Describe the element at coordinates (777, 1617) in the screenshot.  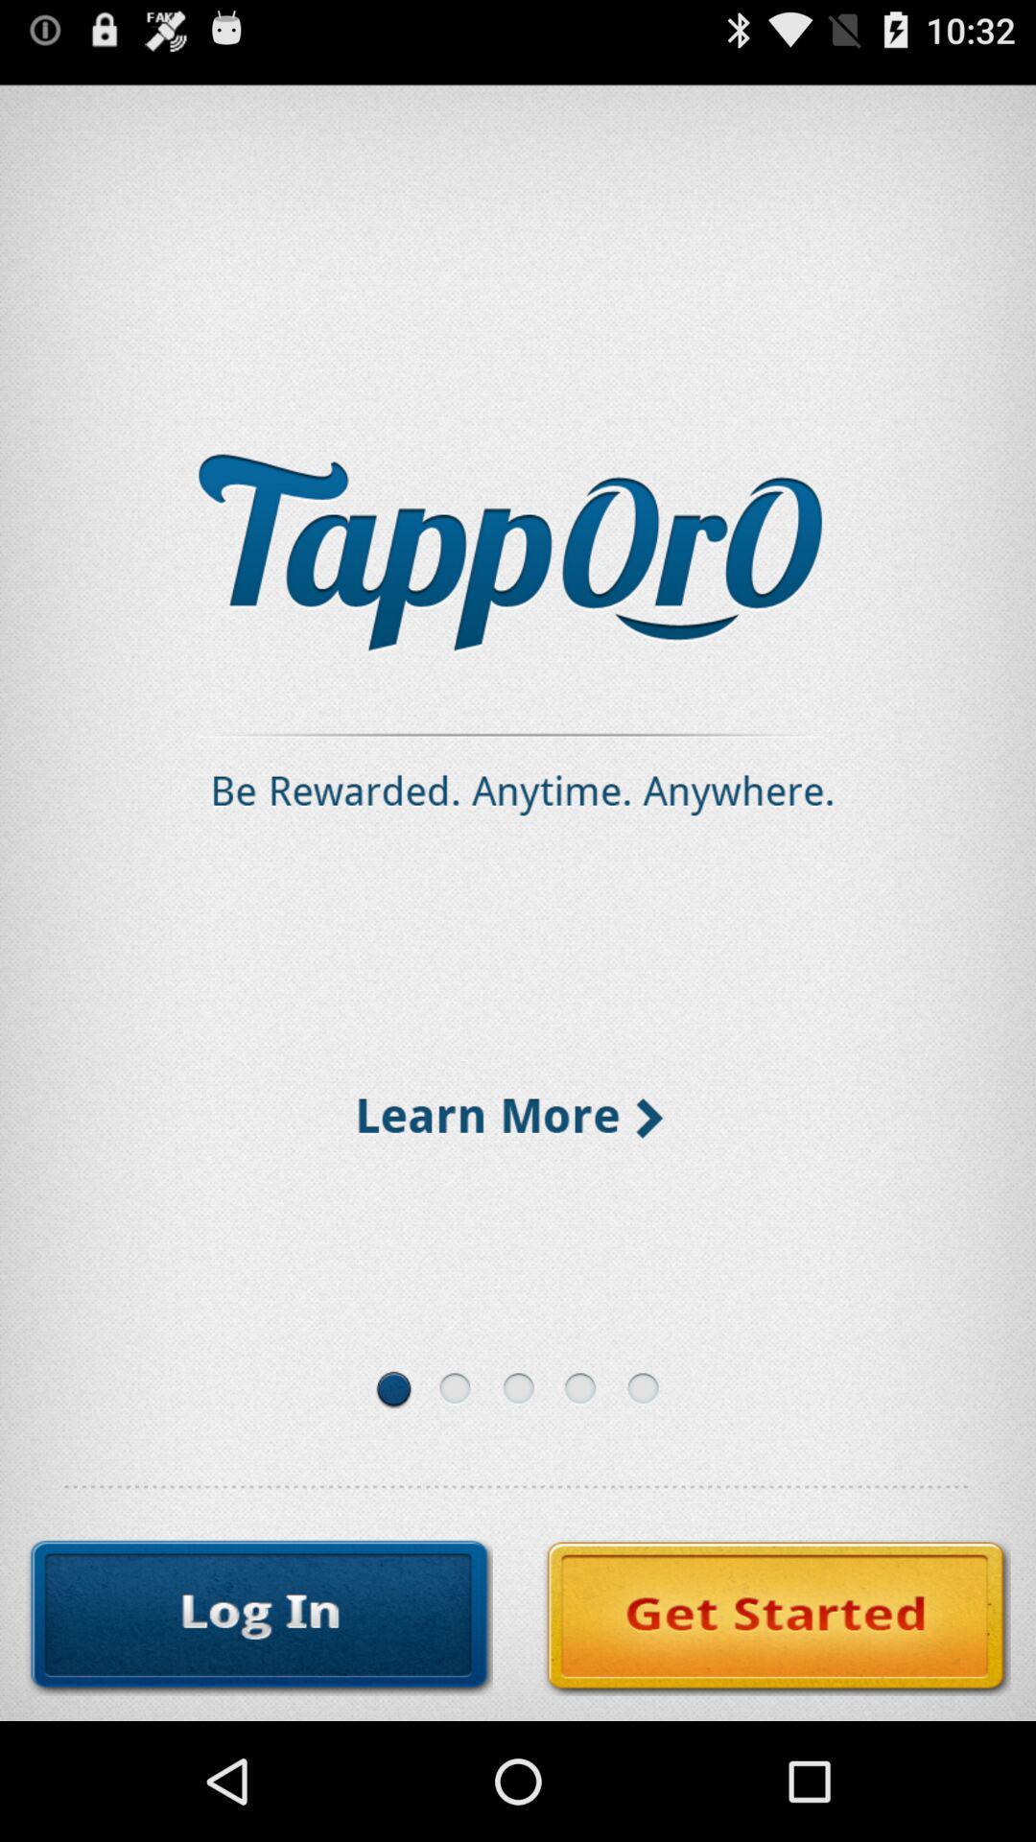
I see `make a new account` at that location.